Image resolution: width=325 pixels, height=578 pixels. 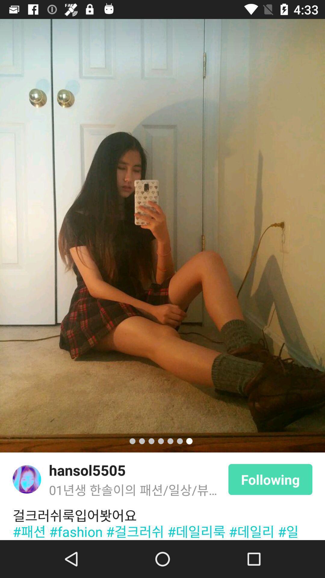 I want to click on the avatar icon, so click(x=26, y=479).